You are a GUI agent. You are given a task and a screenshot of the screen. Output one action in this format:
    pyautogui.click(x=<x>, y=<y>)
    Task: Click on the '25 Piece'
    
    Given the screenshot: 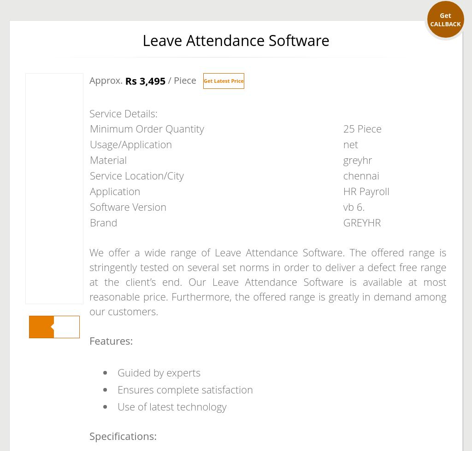 What is the action you would take?
    pyautogui.click(x=362, y=128)
    